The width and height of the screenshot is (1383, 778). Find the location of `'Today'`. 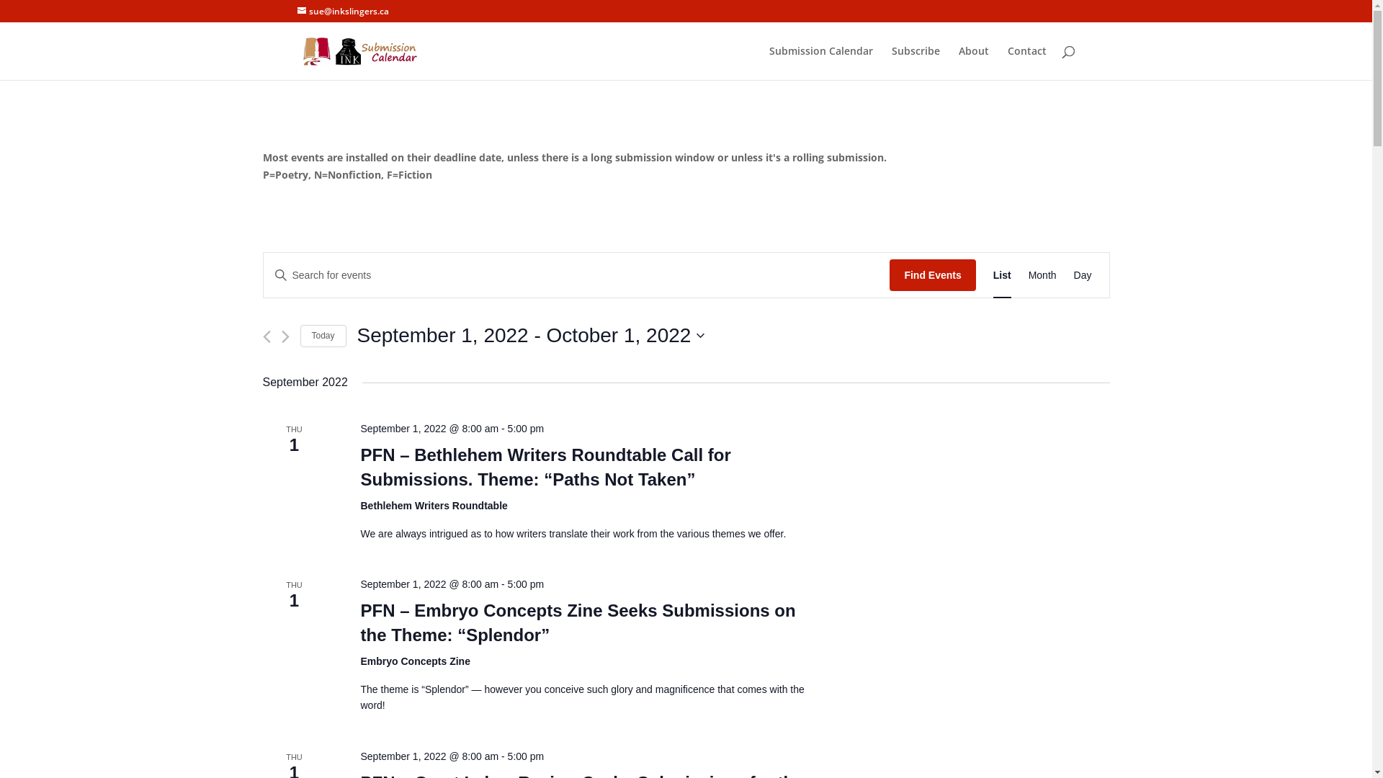

'Today' is located at coordinates (321, 336).